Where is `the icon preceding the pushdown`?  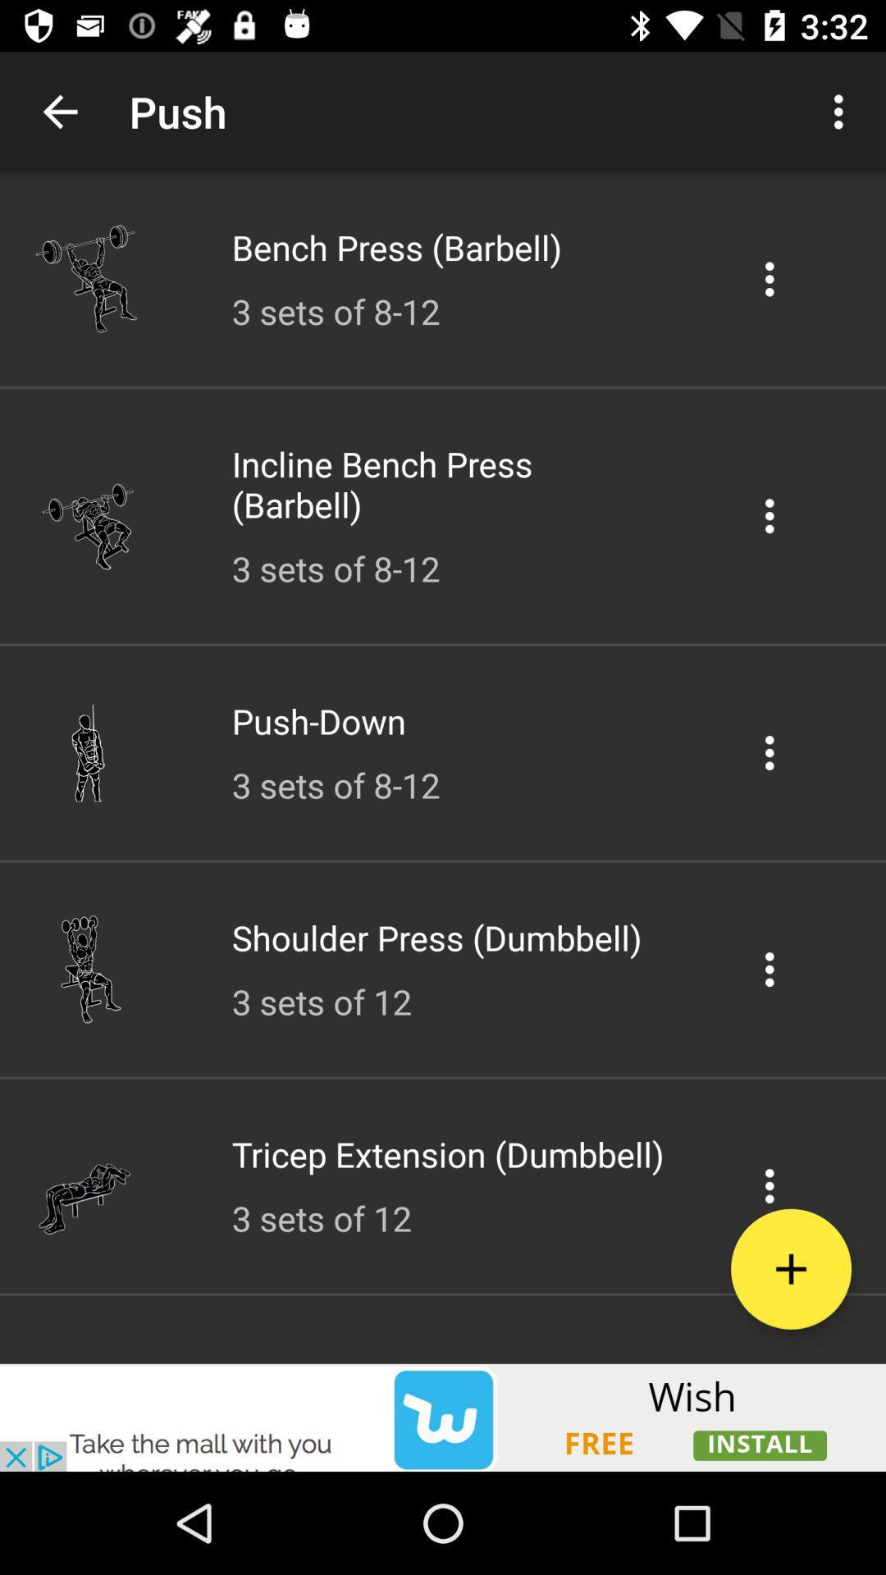
the icon preceding the pushdown is located at coordinates (88, 751).